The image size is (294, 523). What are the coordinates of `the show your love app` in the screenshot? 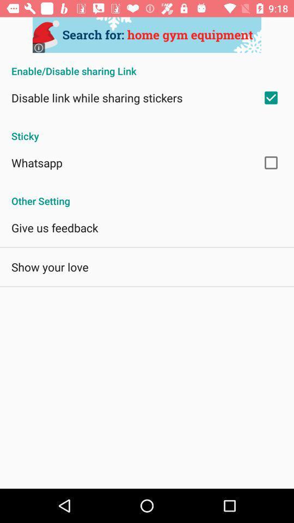 It's located at (49, 266).